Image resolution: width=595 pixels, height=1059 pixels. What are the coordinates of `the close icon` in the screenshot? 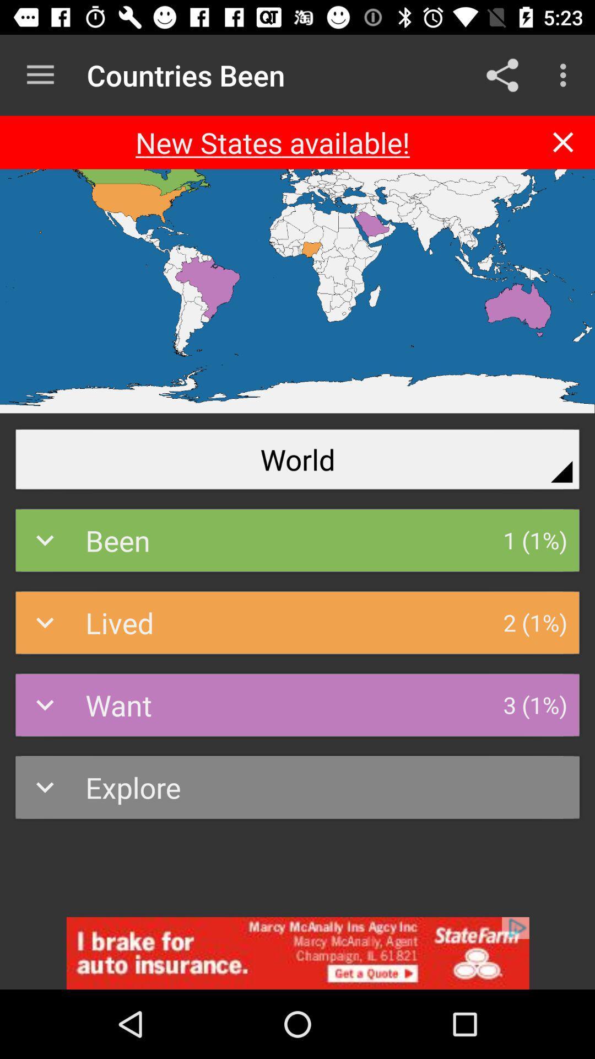 It's located at (563, 142).